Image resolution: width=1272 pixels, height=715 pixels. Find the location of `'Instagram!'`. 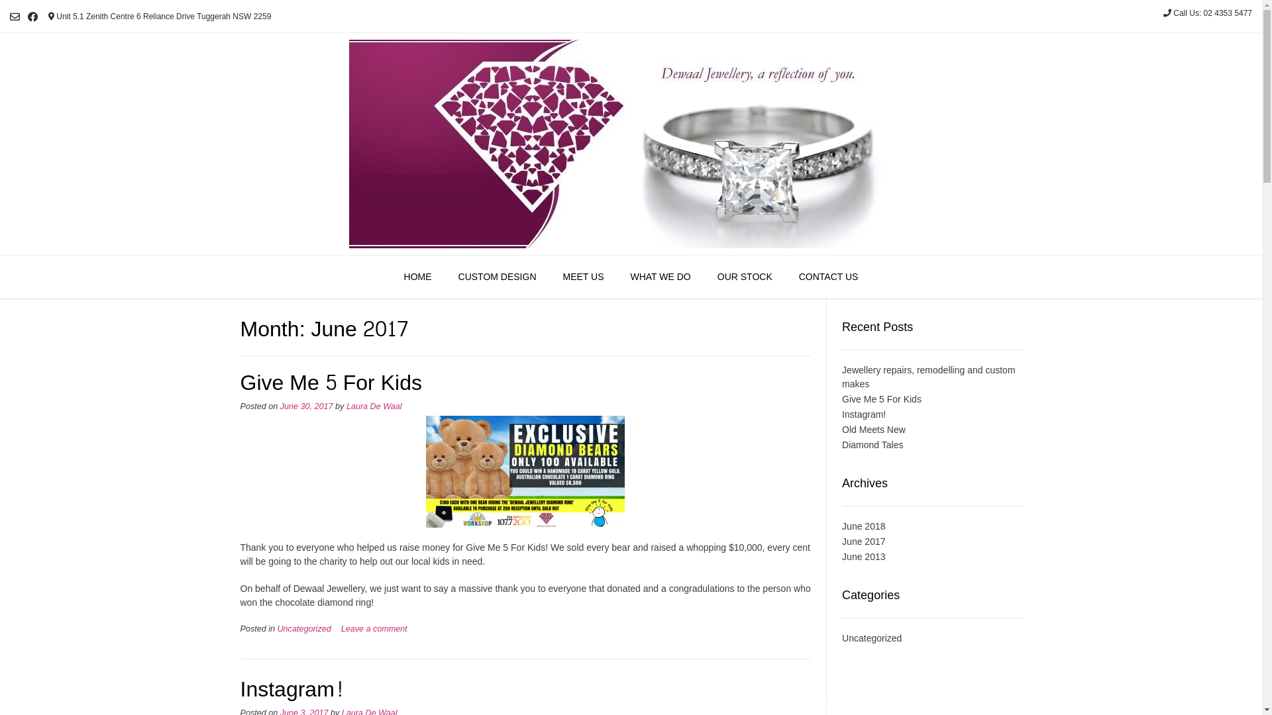

'Instagram!' is located at coordinates (864, 413).